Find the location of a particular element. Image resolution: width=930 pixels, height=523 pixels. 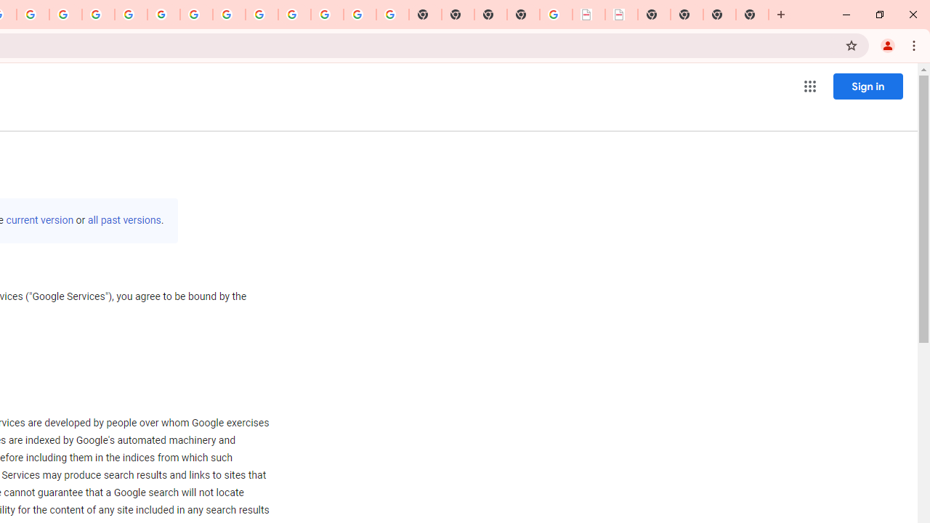

'BAE Systems Brasil | BAE Systems' is located at coordinates (621, 15).